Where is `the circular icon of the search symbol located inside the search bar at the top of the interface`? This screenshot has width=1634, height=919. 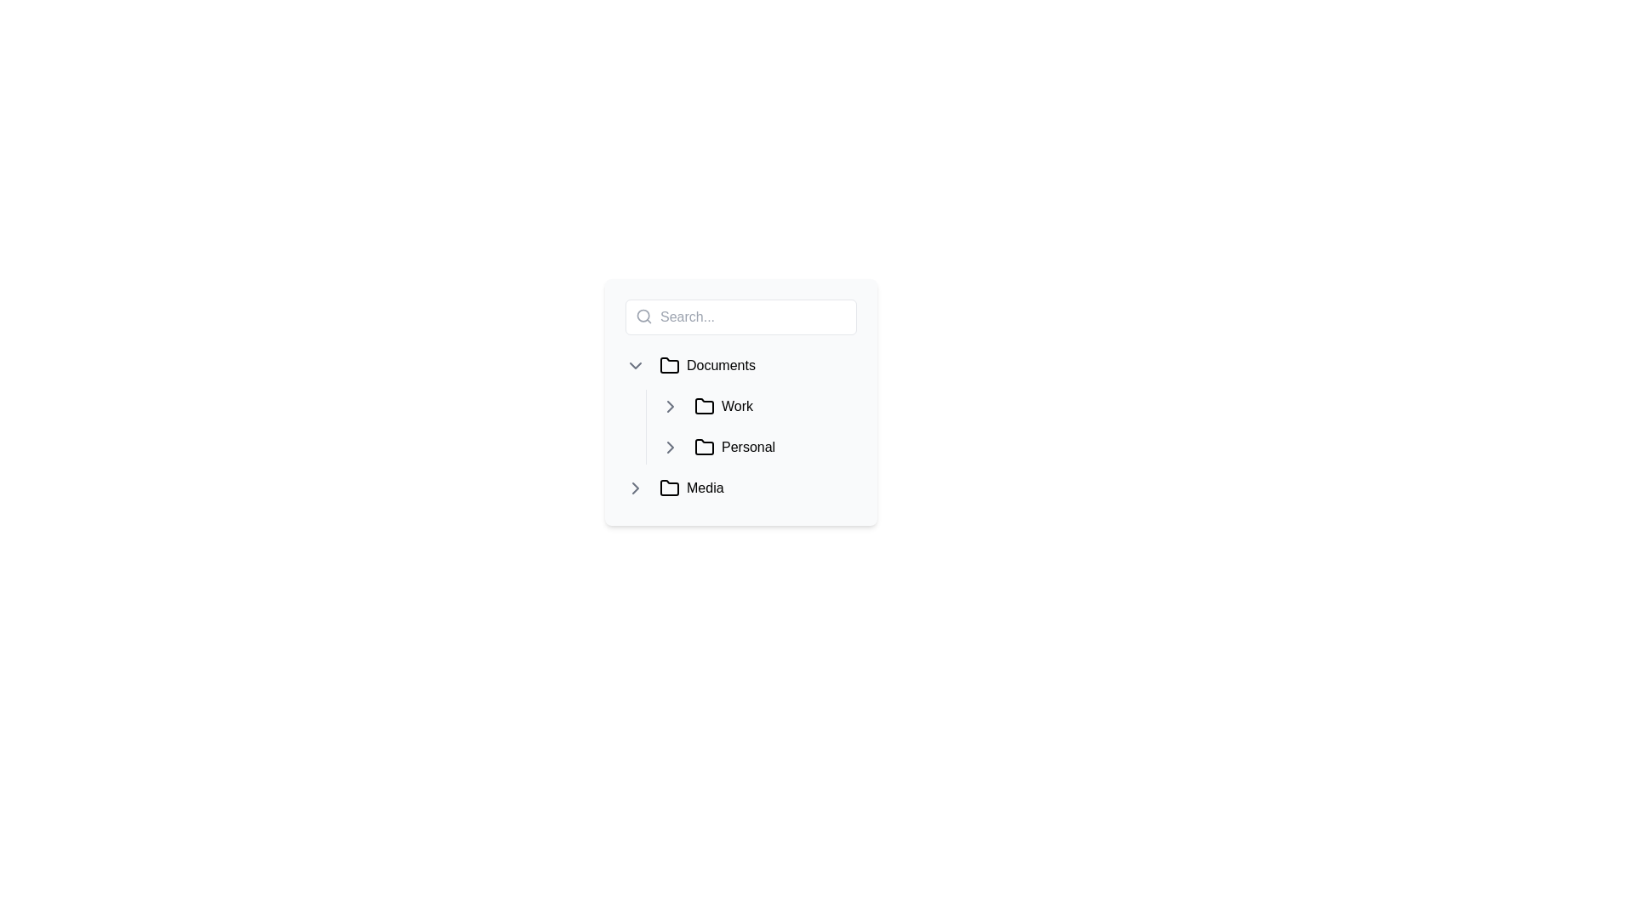
the circular icon of the search symbol located inside the search bar at the top of the interface is located at coordinates (643, 316).